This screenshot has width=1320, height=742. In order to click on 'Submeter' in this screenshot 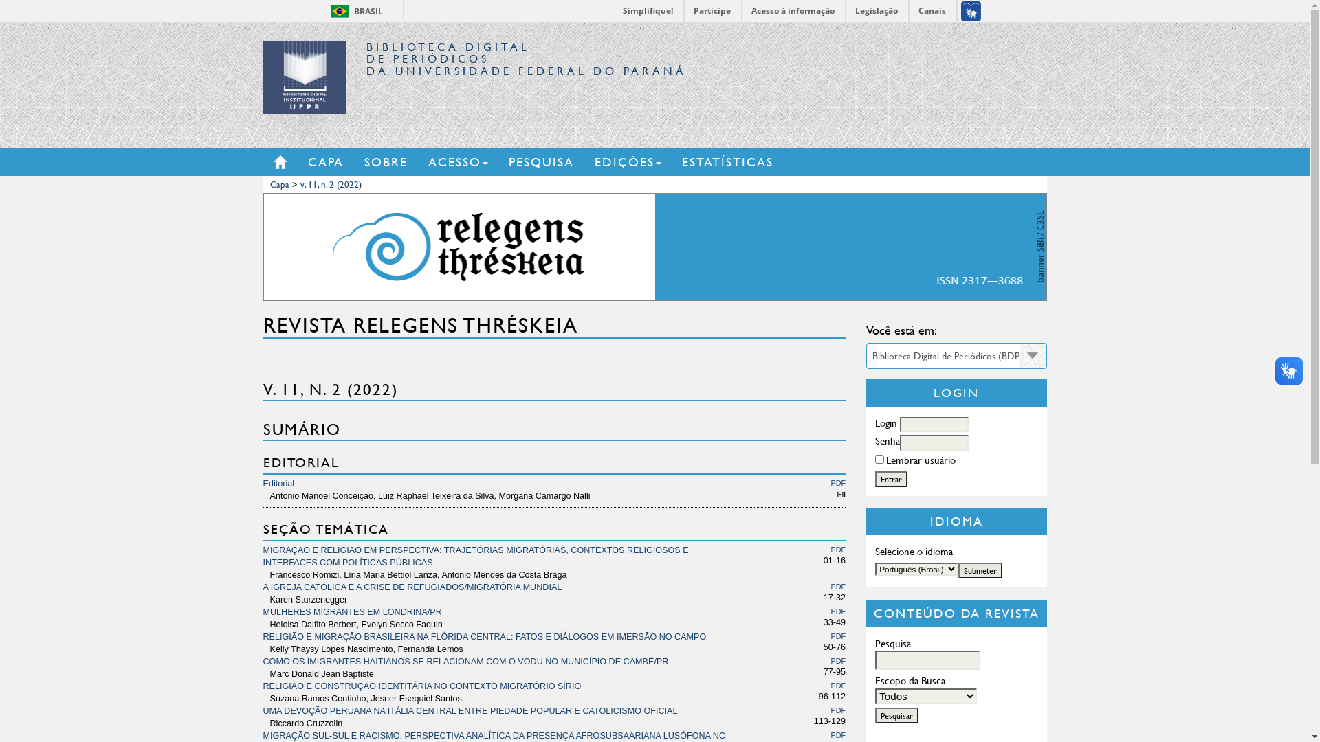, I will do `click(957, 570)`.